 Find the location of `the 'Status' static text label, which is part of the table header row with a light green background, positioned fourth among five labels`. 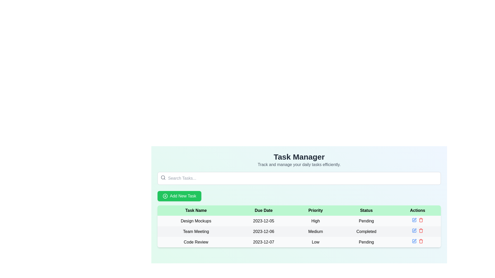

the 'Status' static text label, which is part of the table header row with a light green background, positioned fourth among five labels is located at coordinates (366, 210).